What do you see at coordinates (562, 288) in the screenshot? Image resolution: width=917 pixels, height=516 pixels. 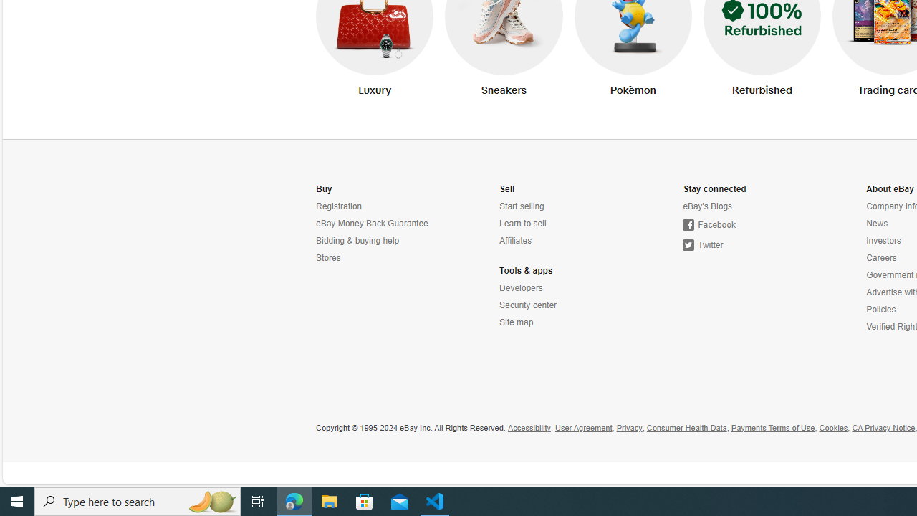 I see `'Developers'` at bounding box center [562, 288].